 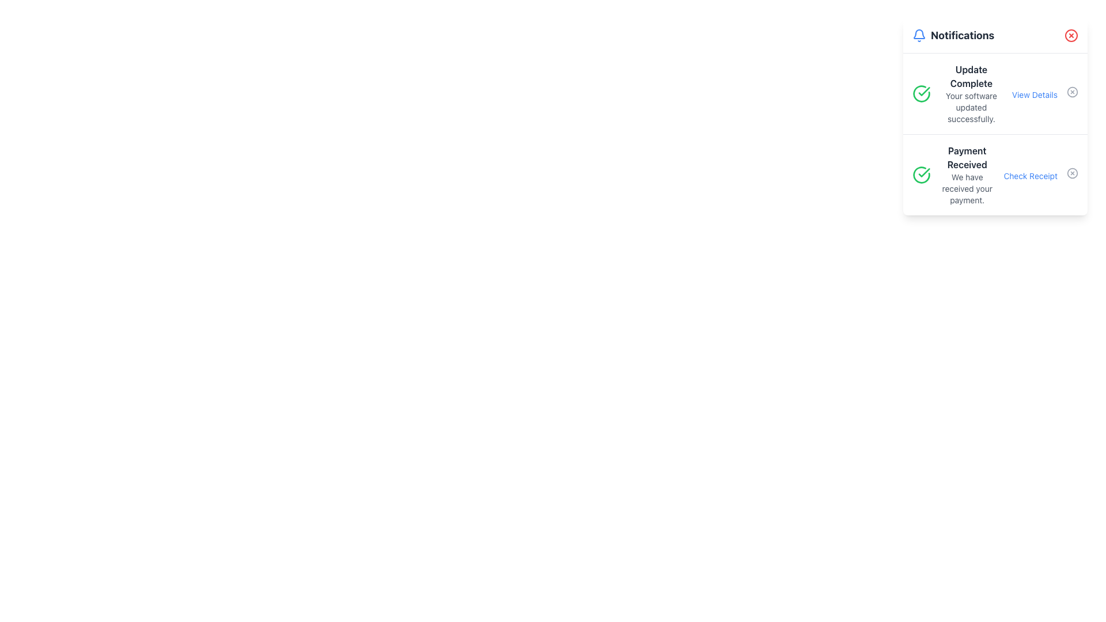 What do you see at coordinates (1045, 93) in the screenshot?
I see `the text link 'View Details' located to the right of the 'Update Complete' notification` at bounding box center [1045, 93].